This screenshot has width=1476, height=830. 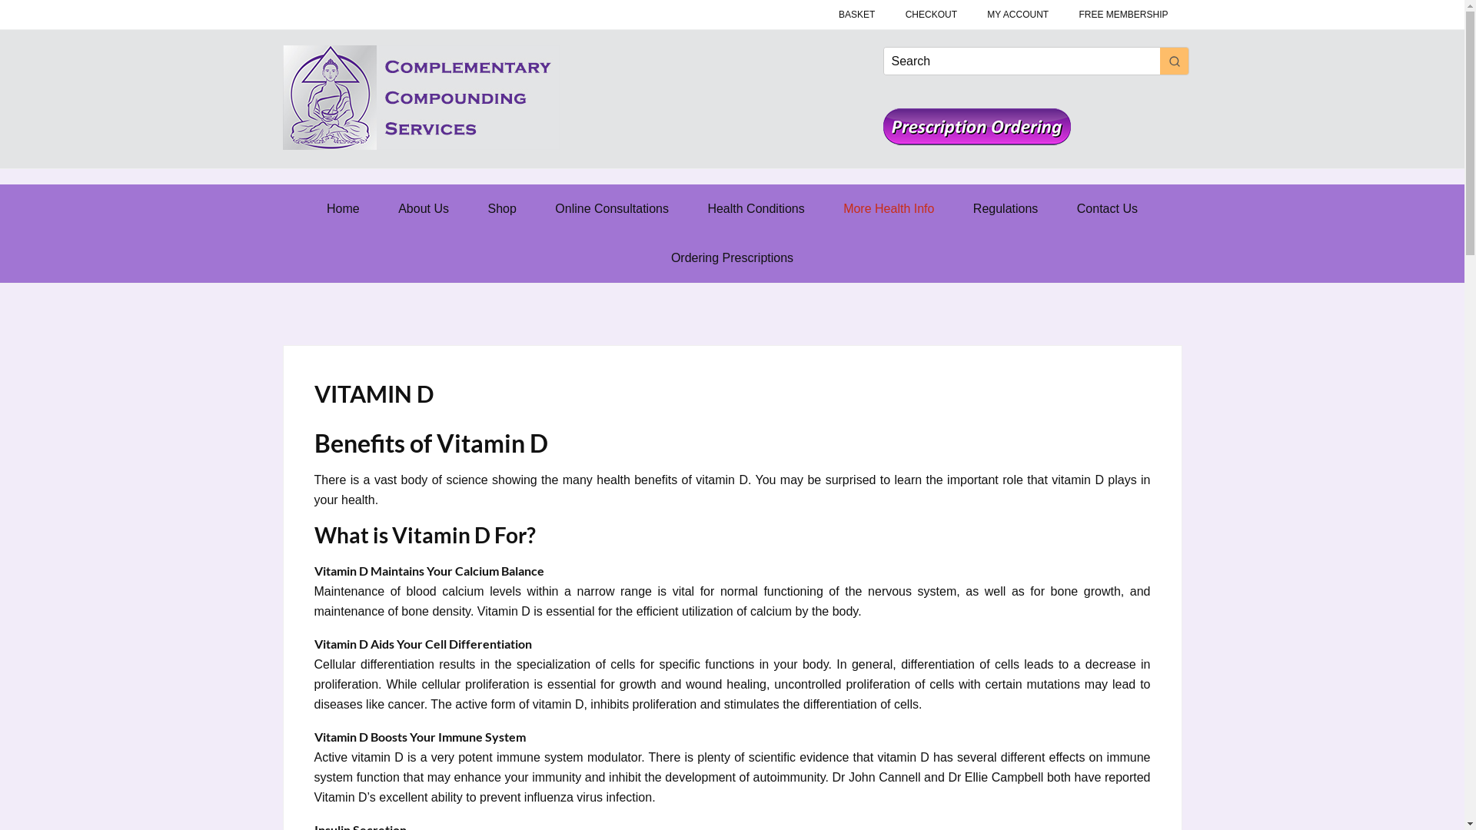 What do you see at coordinates (1107, 209) in the screenshot?
I see `'Contact Us'` at bounding box center [1107, 209].